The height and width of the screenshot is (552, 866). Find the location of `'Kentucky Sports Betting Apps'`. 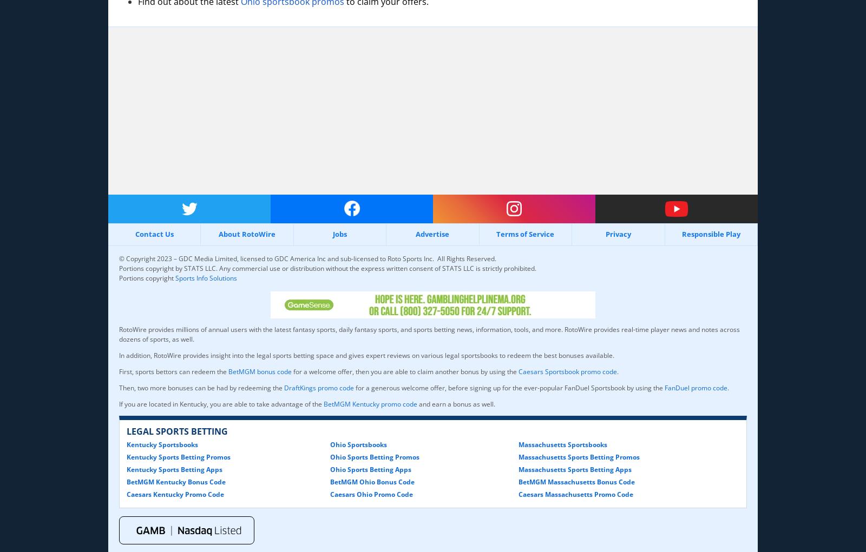

'Kentucky Sports Betting Apps' is located at coordinates (174, 468).